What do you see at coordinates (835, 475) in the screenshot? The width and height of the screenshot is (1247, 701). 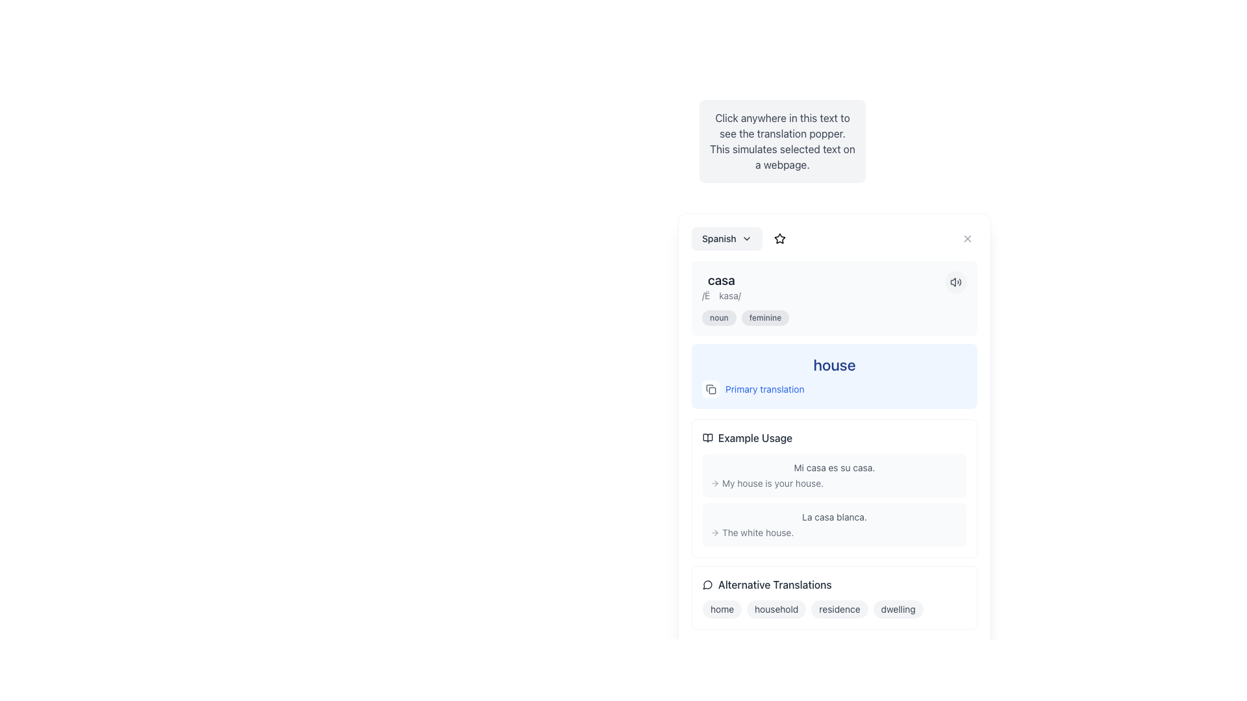 I see `the bilingual text block demonstrating the usage of the word 'casa' in Spanish, located in the central area of the 'Example Usage' section` at bounding box center [835, 475].